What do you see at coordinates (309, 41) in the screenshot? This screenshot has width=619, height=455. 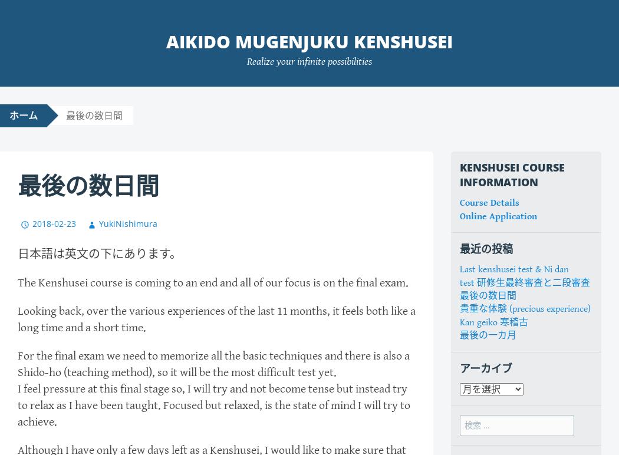 I see `'Aikido Mugenjuku Kenshusei'` at bounding box center [309, 41].